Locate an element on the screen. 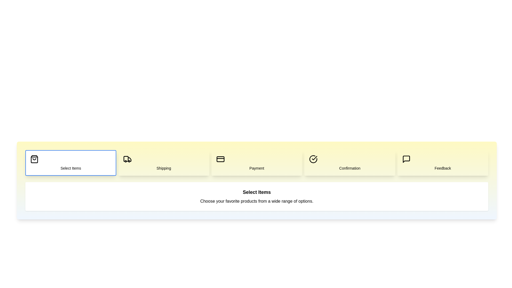 The height and width of the screenshot is (288, 512). the tab corresponding to the Payment phase in the purchase process is located at coordinates (257, 162).